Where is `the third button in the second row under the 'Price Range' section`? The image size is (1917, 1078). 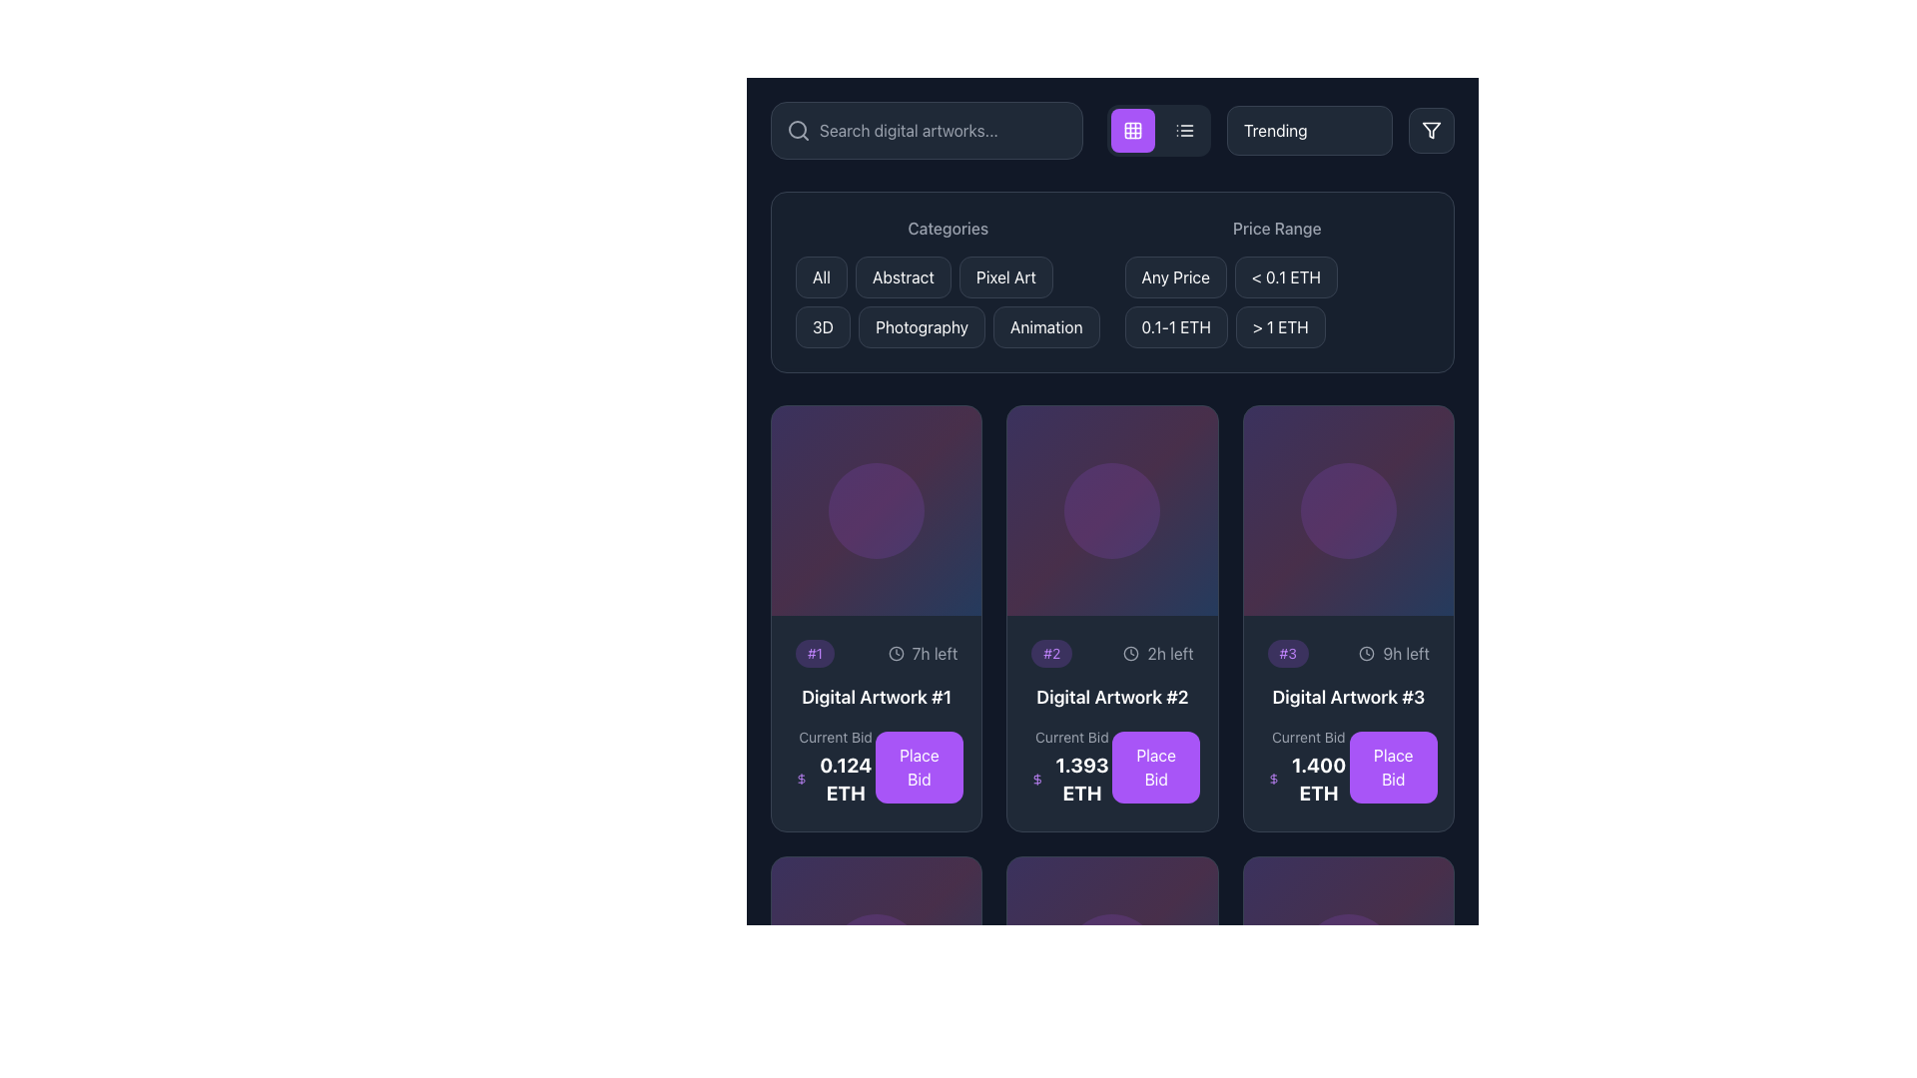 the third button in the second row under the 'Price Range' section is located at coordinates (1176, 325).